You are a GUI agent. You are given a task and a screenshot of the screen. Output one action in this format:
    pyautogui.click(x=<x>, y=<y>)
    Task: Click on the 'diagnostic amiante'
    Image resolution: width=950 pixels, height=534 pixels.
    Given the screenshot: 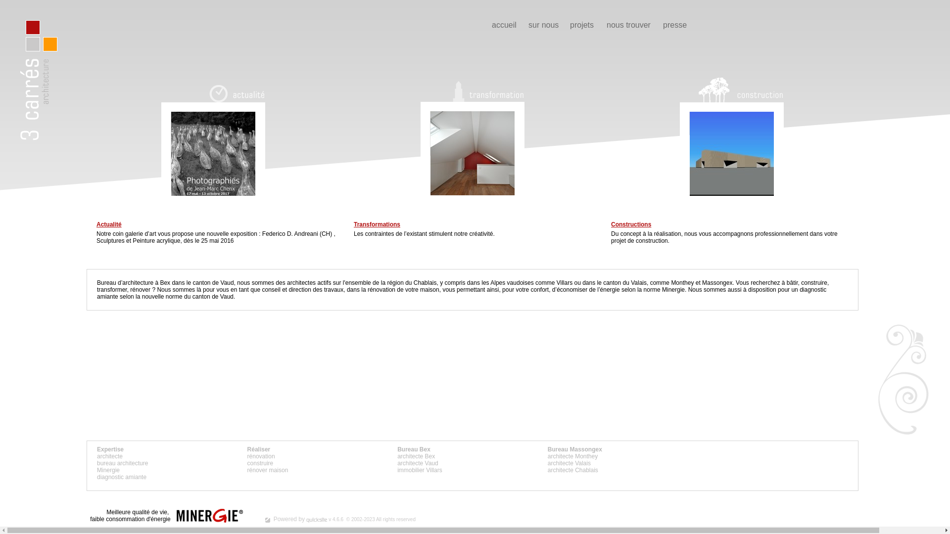 What is the action you would take?
    pyautogui.click(x=121, y=476)
    